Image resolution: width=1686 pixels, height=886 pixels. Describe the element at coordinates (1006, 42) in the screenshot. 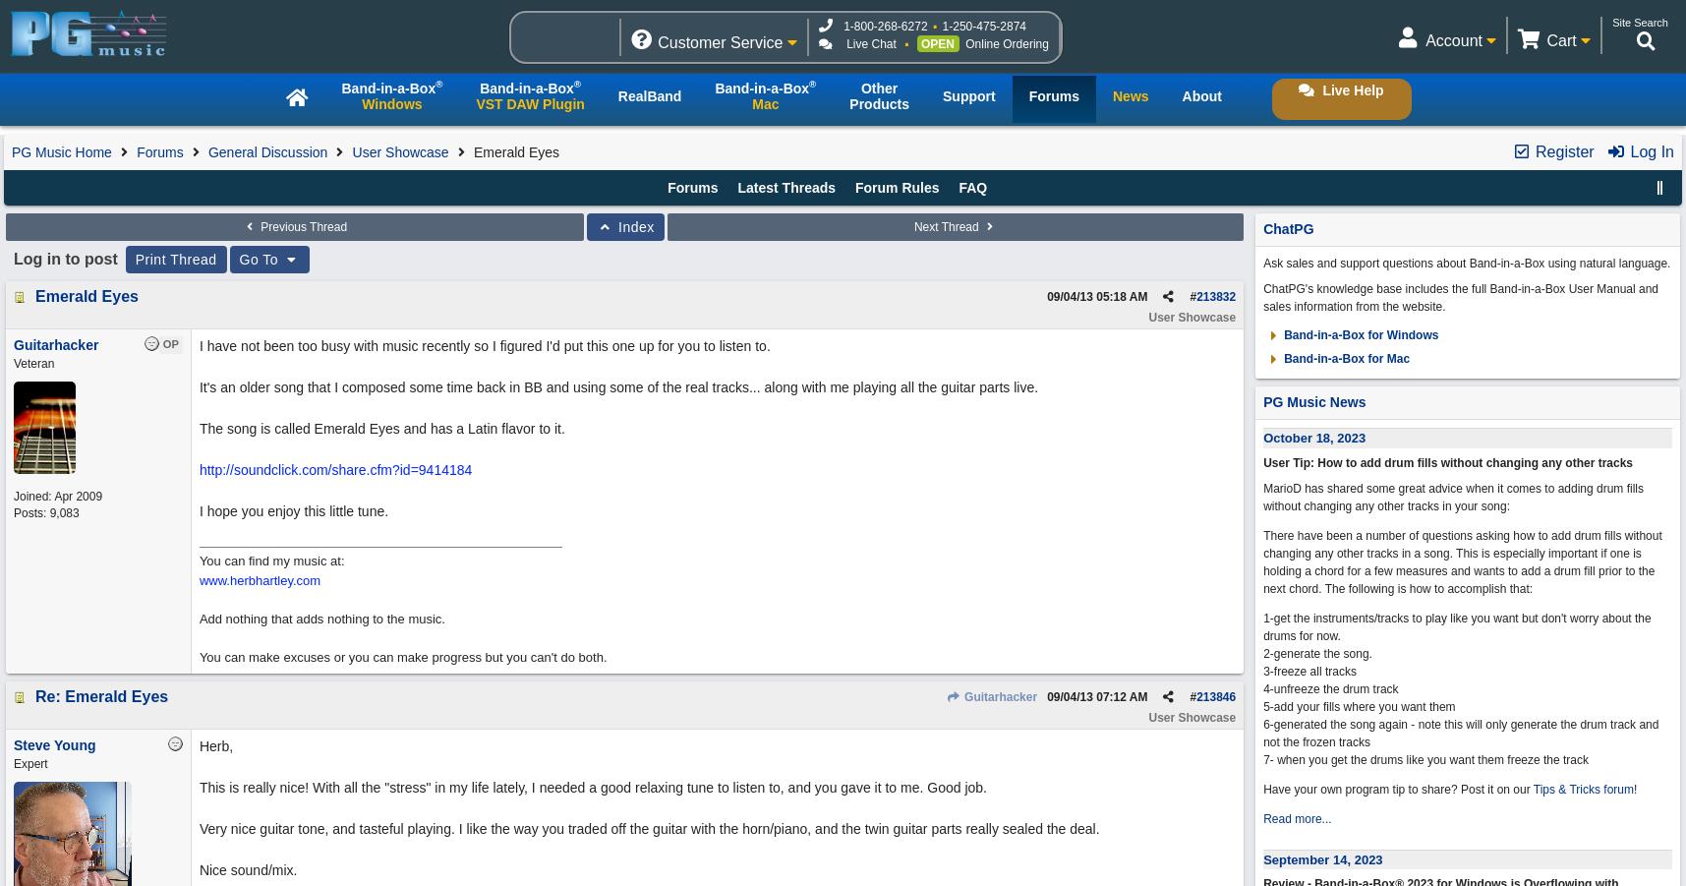

I see `'Online Ordering'` at that location.